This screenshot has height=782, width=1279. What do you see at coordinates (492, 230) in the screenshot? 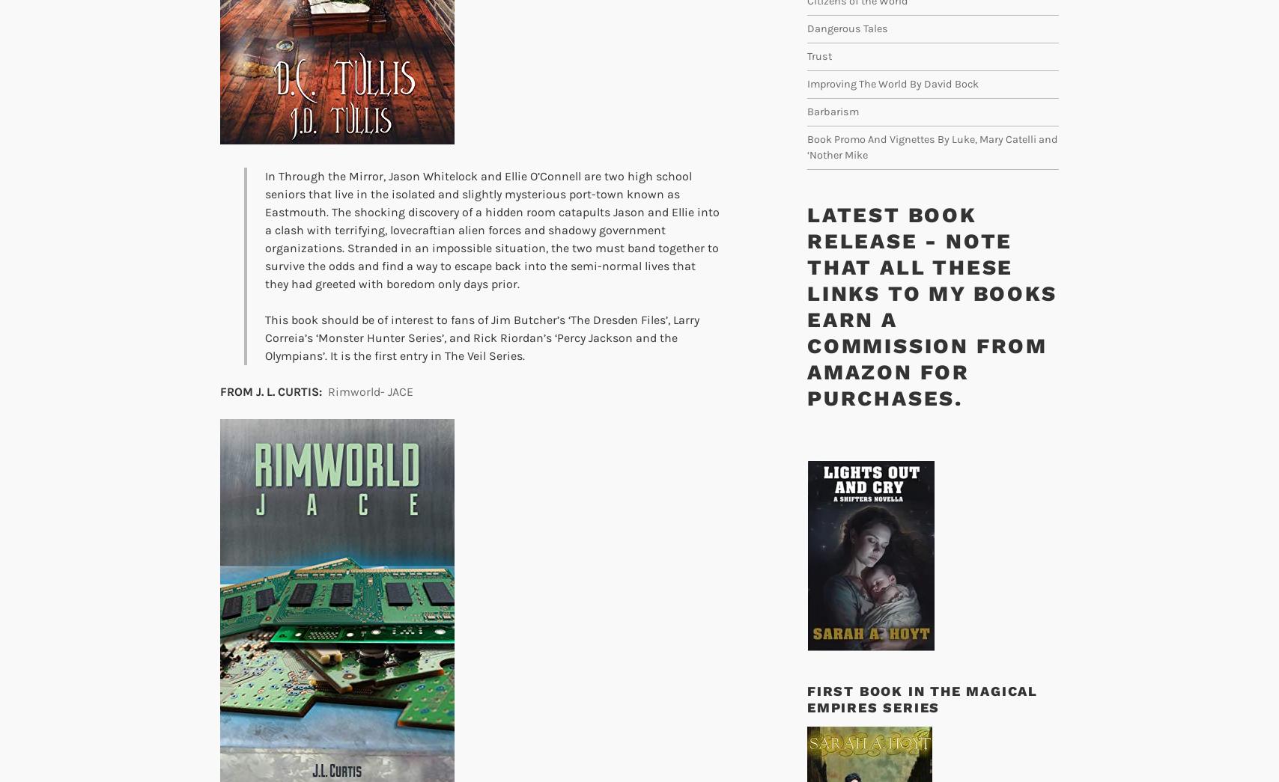
I see `'In Through the Mirror, Jason Whitelock and Ellie O’Connell are two high school seniors that live in the isolated and slightly mysterious port-town known as Eastmouth. The shocking discovery of a hidden room catapults Jason and Ellie into a clash with terrifying, lovecraftian alien forces and shadowy government organizations. Stranded in an impossible situation, the two must band together to survive the odds and find a way to escape back into the semi-normal lives that they had greeted with boredom only days prior.'` at bounding box center [492, 230].